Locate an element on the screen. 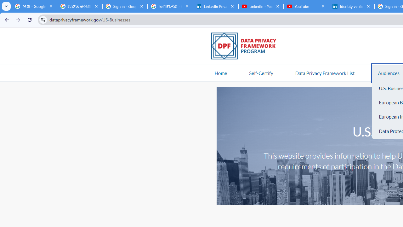 This screenshot has height=227, width=403. 'YouTube' is located at coordinates (306, 6).